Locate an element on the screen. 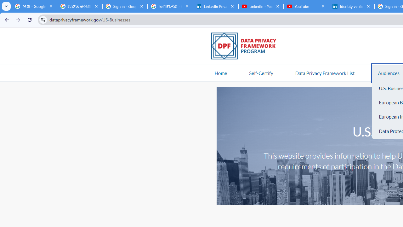 This screenshot has height=227, width=403. 'YouTube' is located at coordinates (306, 6).